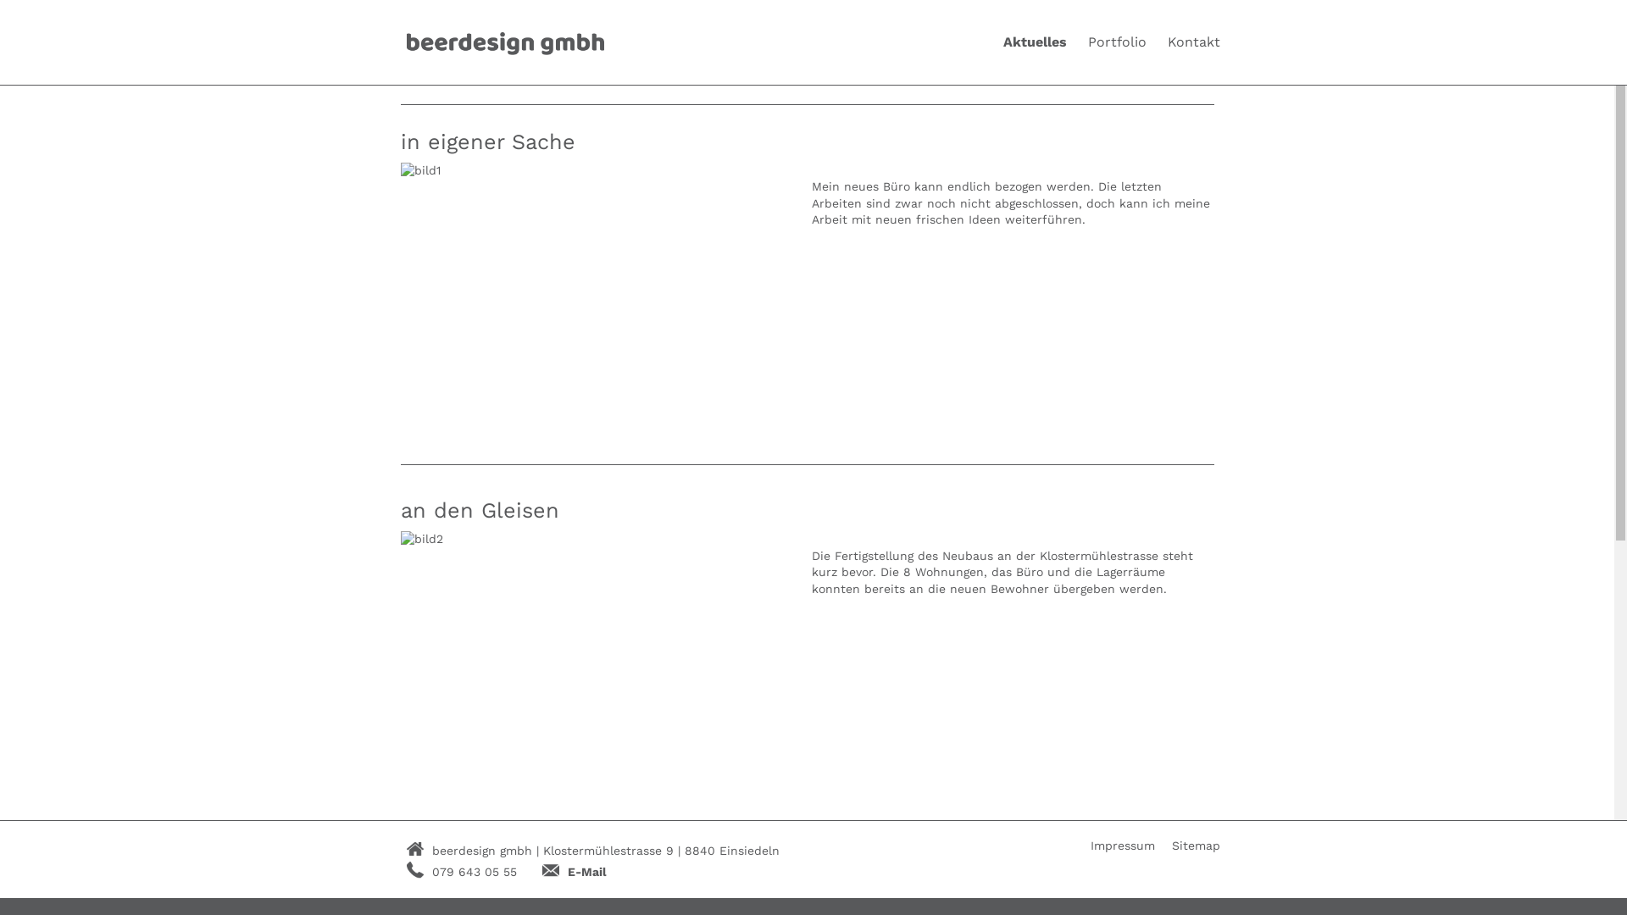  I want to click on 'Impressum', so click(1122, 846).